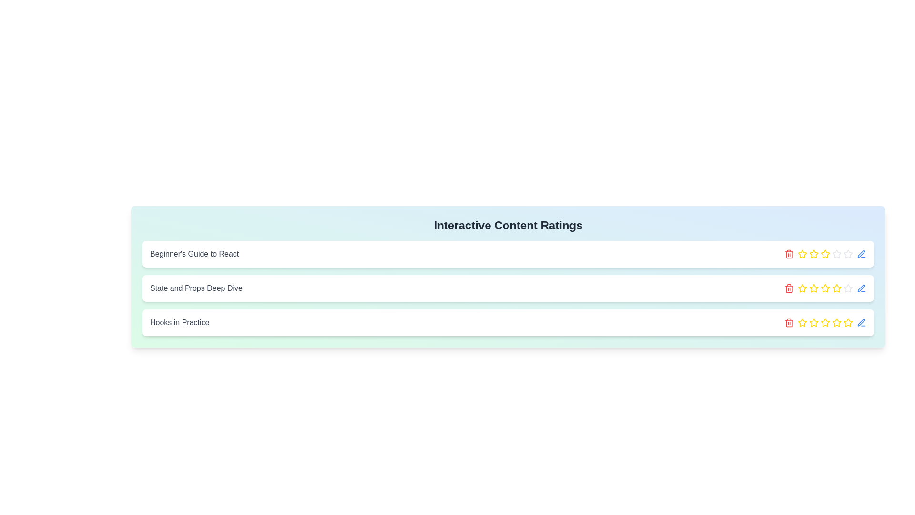 The height and width of the screenshot is (515, 915). What do you see at coordinates (825, 288) in the screenshot?
I see `the fourth star icon in the rating mechanism` at bounding box center [825, 288].